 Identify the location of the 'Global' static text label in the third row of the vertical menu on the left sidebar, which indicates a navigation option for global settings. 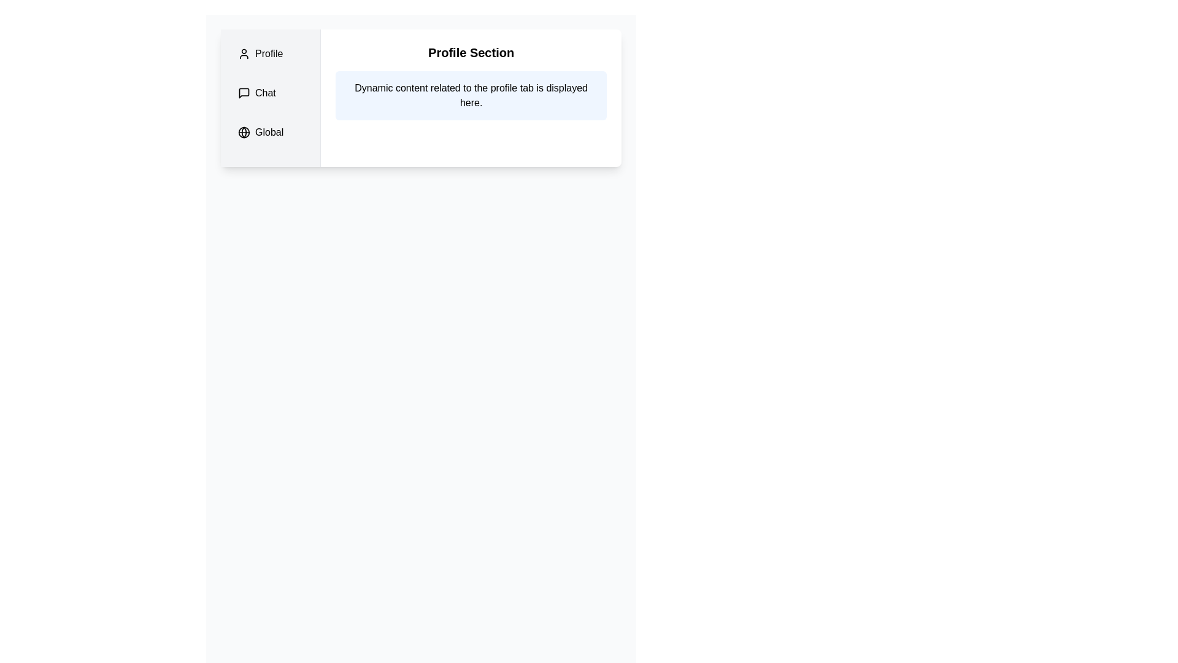
(269, 133).